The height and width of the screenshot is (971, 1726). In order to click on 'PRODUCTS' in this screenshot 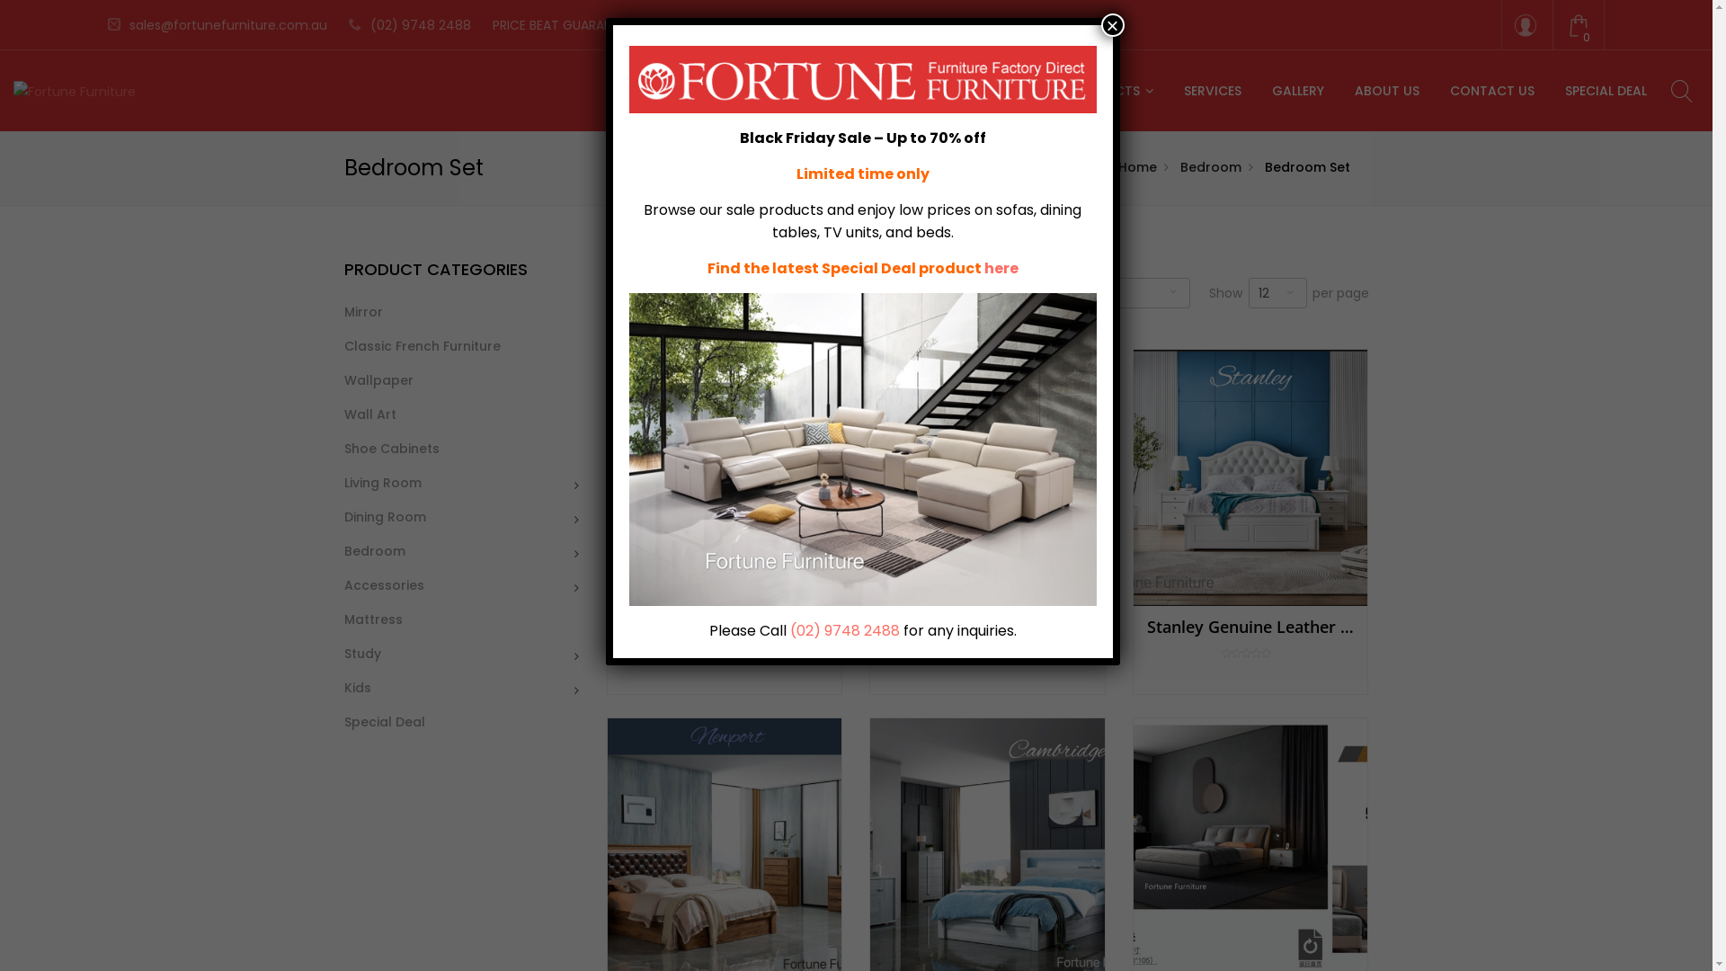, I will do `click(1111, 90)`.